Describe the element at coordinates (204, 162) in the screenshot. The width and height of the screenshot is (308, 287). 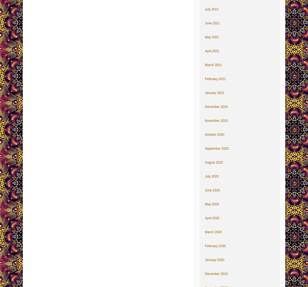
I see `'August 2020'` at that location.